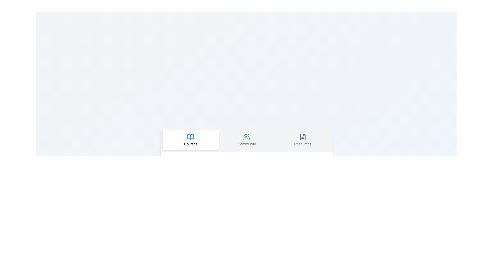  What do you see at coordinates (303, 140) in the screenshot?
I see `the tab Resources to observe its visual change` at bounding box center [303, 140].